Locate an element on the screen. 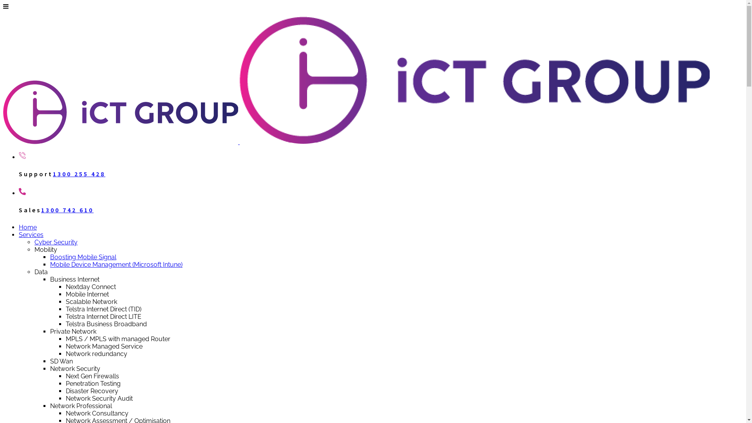 Image resolution: width=752 pixels, height=423 pixels. 'Private Network' is located at coordinates (50, 331).